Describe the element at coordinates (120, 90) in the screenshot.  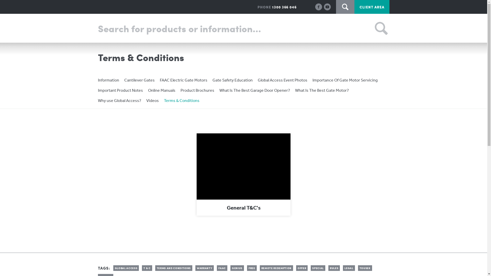
I see `'Important Product Notes'` at that location.